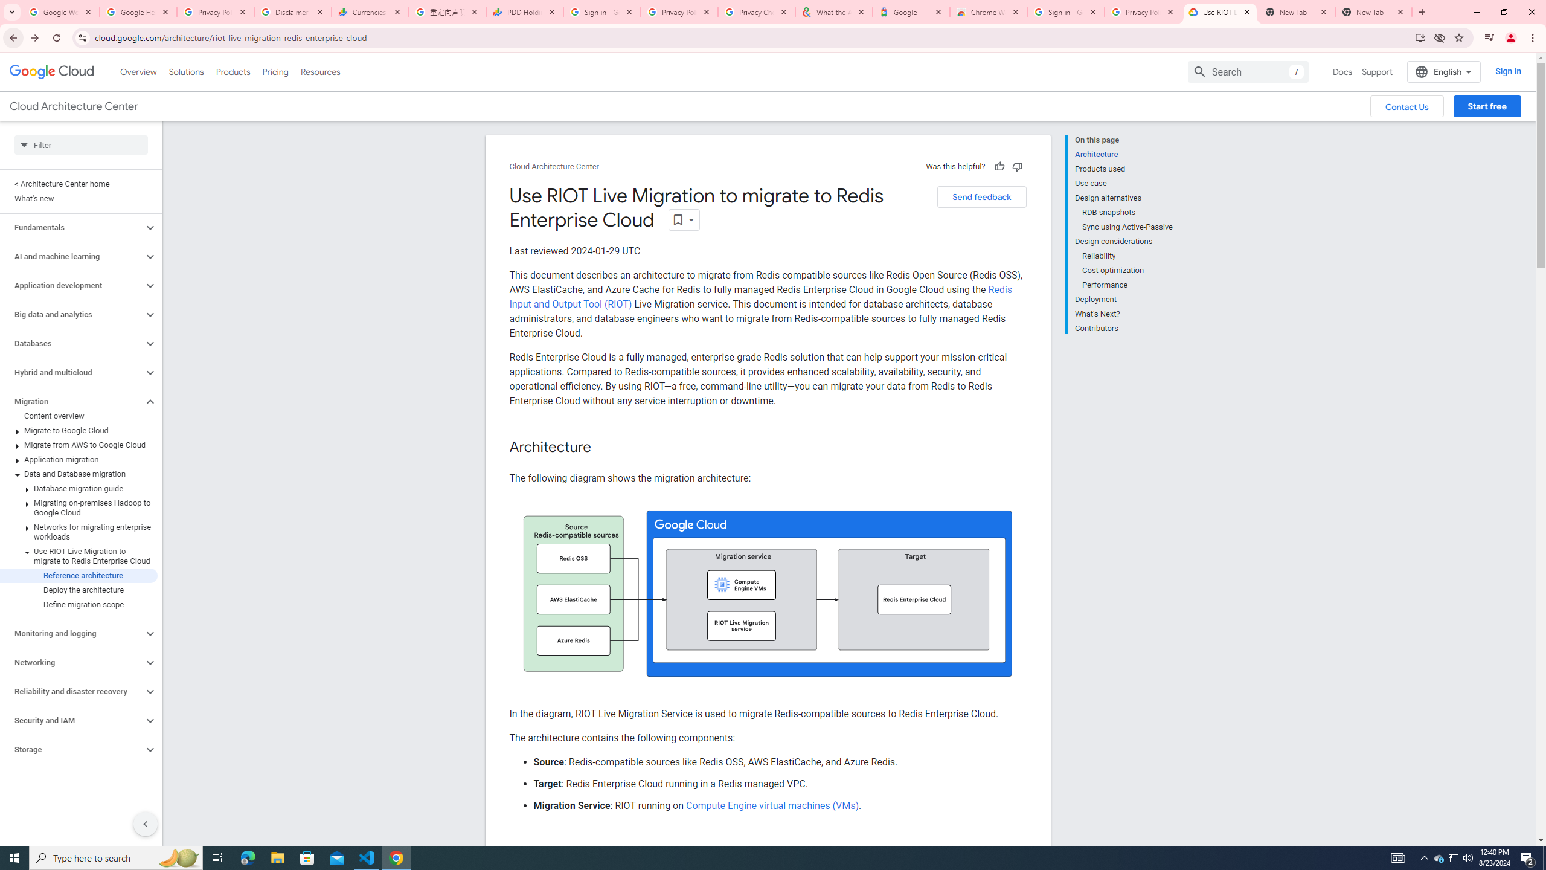 Image resolution: width=1546 pixels, height=870 pixels. I want to click on 'Send feedback', so click(981, 196).